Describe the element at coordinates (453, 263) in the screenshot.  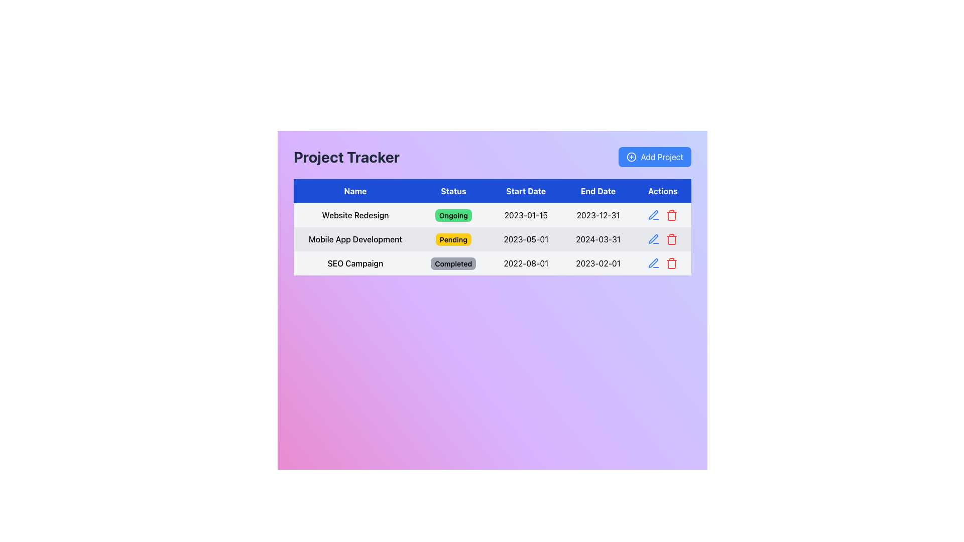
I see `the status label indicating that the 'SEO Campaign' project has been completed, located in the 'Status' column of the 'Project Tracker' table, specifically in the third row` at that location.